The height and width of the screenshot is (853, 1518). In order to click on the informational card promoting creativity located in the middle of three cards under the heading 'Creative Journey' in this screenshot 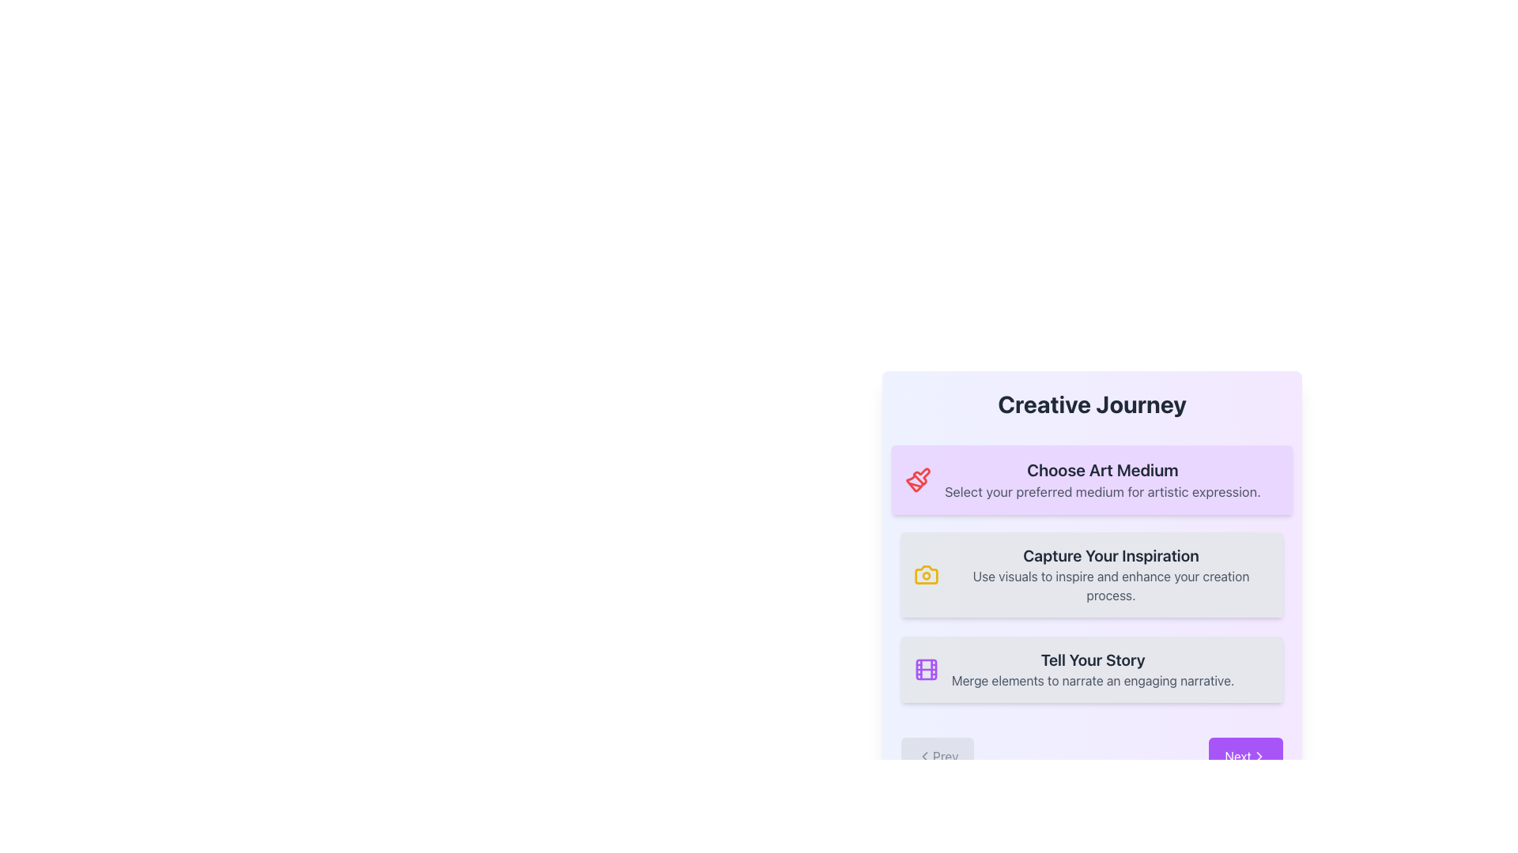, I will do `click(1091, 575)`.